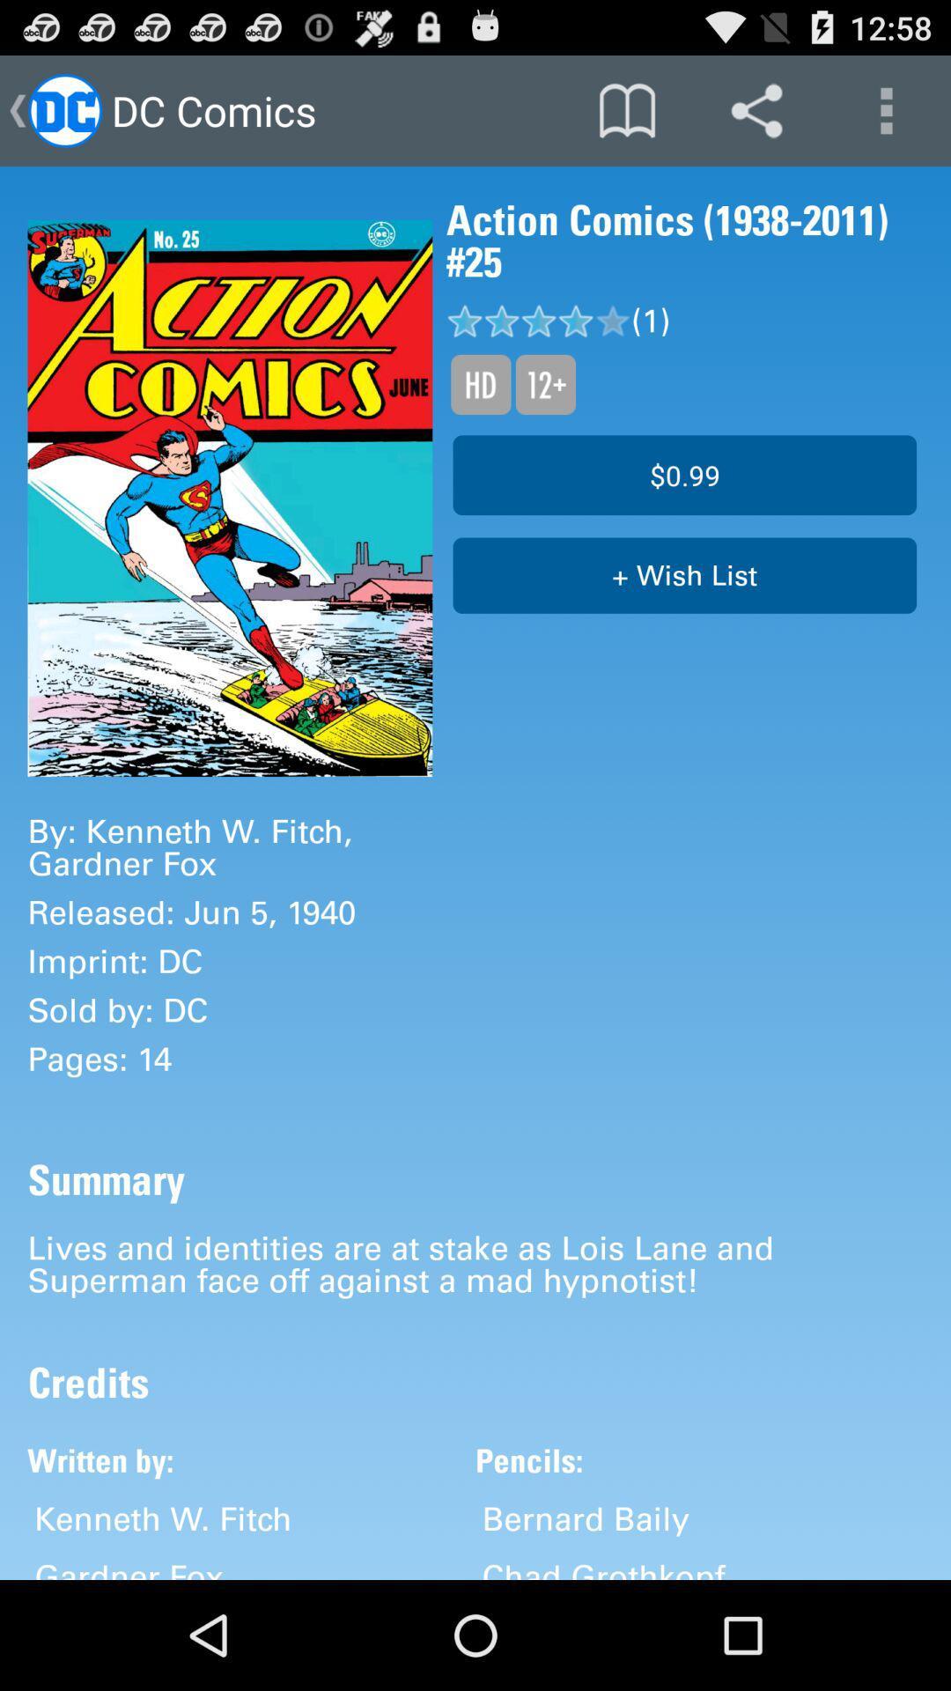 This screenshot has height=1691, width=951. Describe the element at coordinates (683, 575) in the screenshot. I see `+ wish list item` at that location.